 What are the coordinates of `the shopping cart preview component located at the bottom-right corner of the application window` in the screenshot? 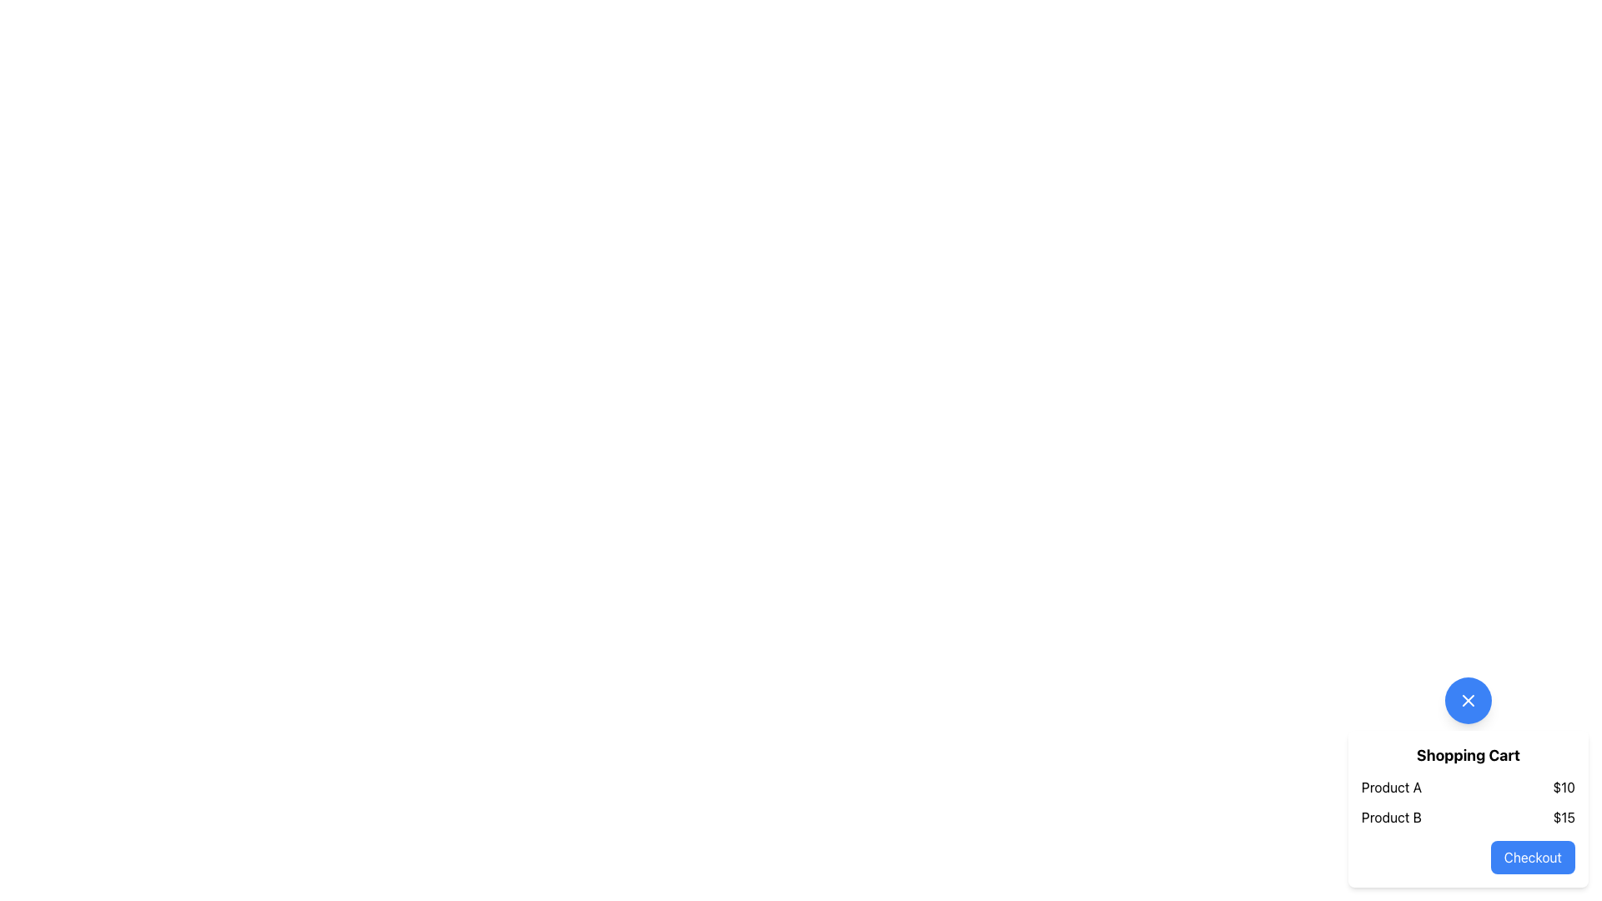 It's located at (1468, 782).